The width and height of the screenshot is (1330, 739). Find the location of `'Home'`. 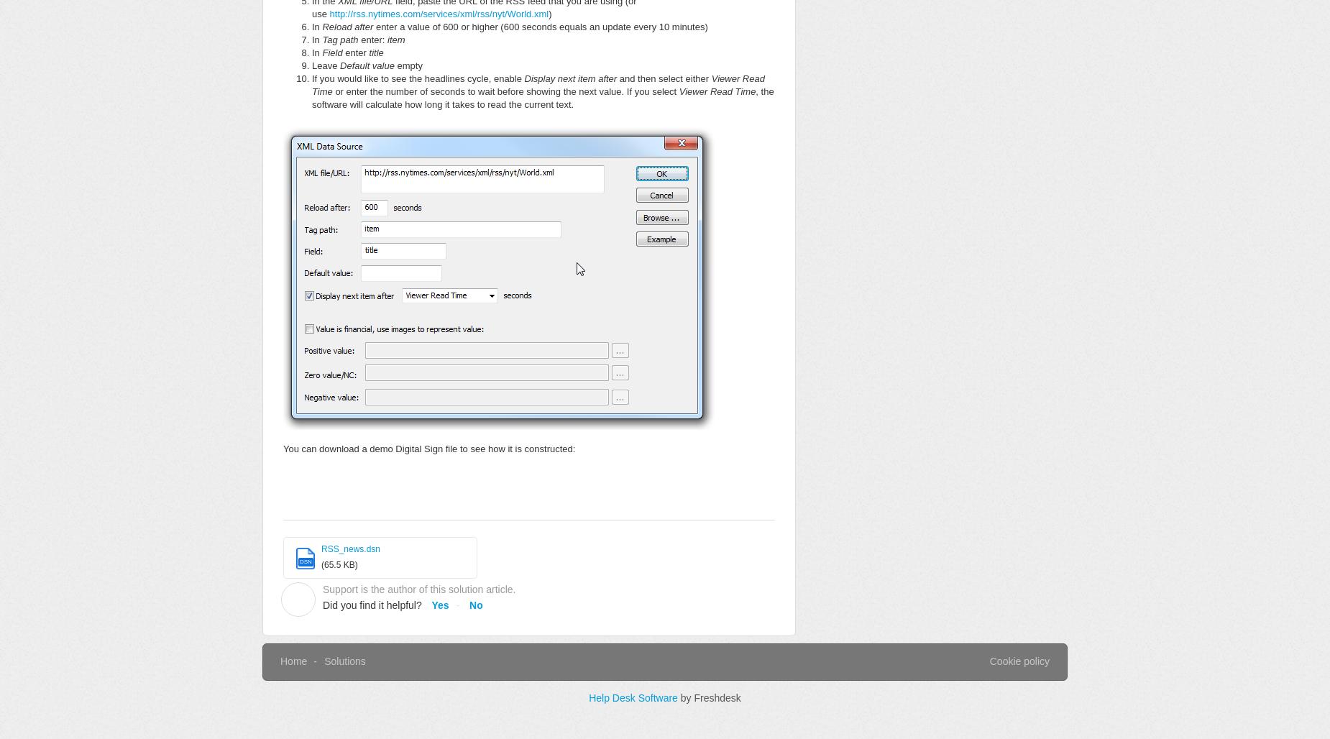

'Home' is located at coordinates (293, 661).